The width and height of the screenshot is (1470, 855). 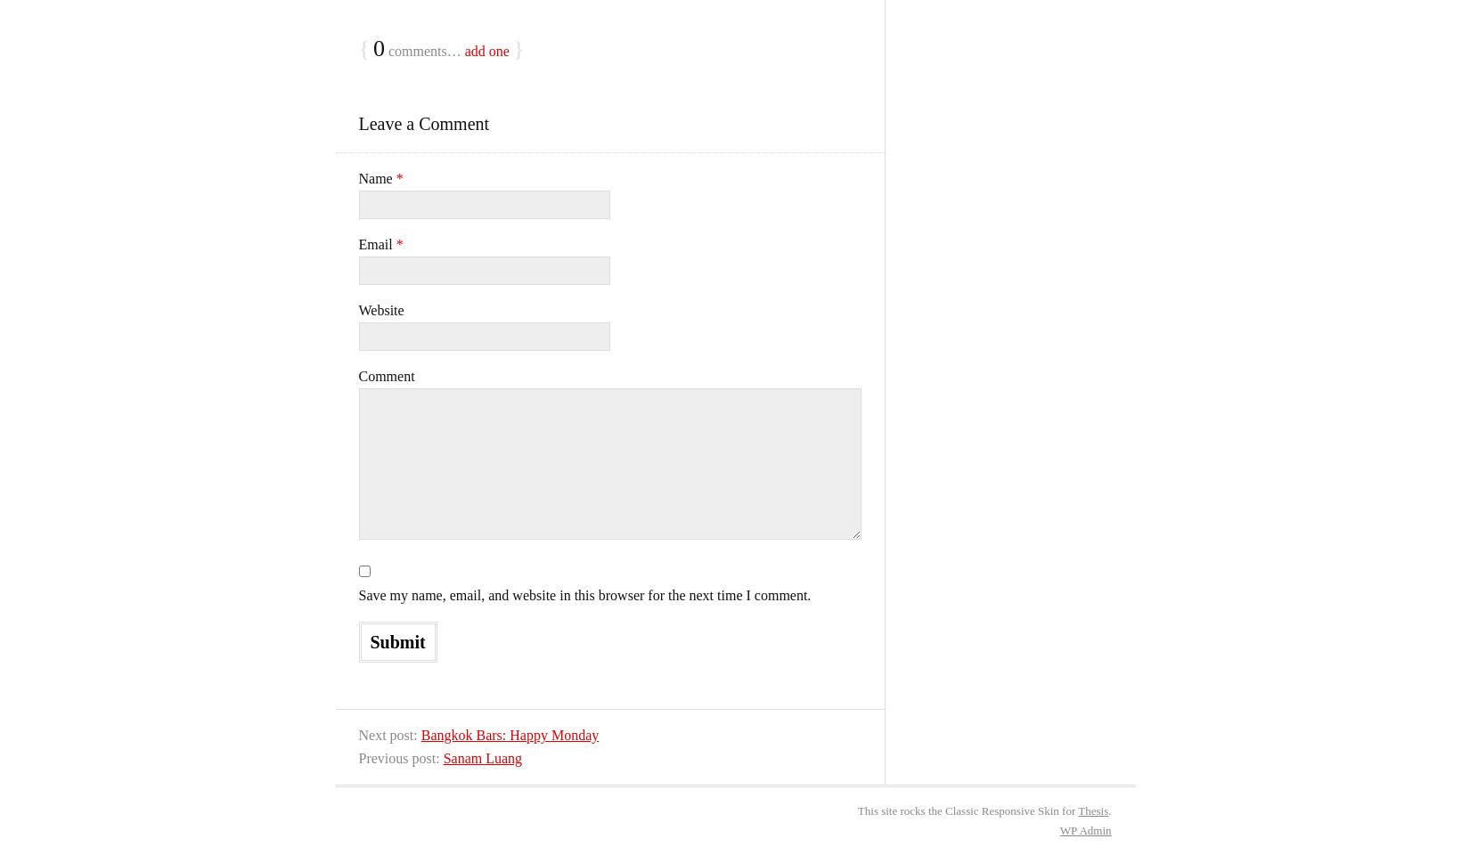 What do you see at coordinates (1058, 830) in the screenshot?
I see `'WP'` at bounding box center [1058, 830].